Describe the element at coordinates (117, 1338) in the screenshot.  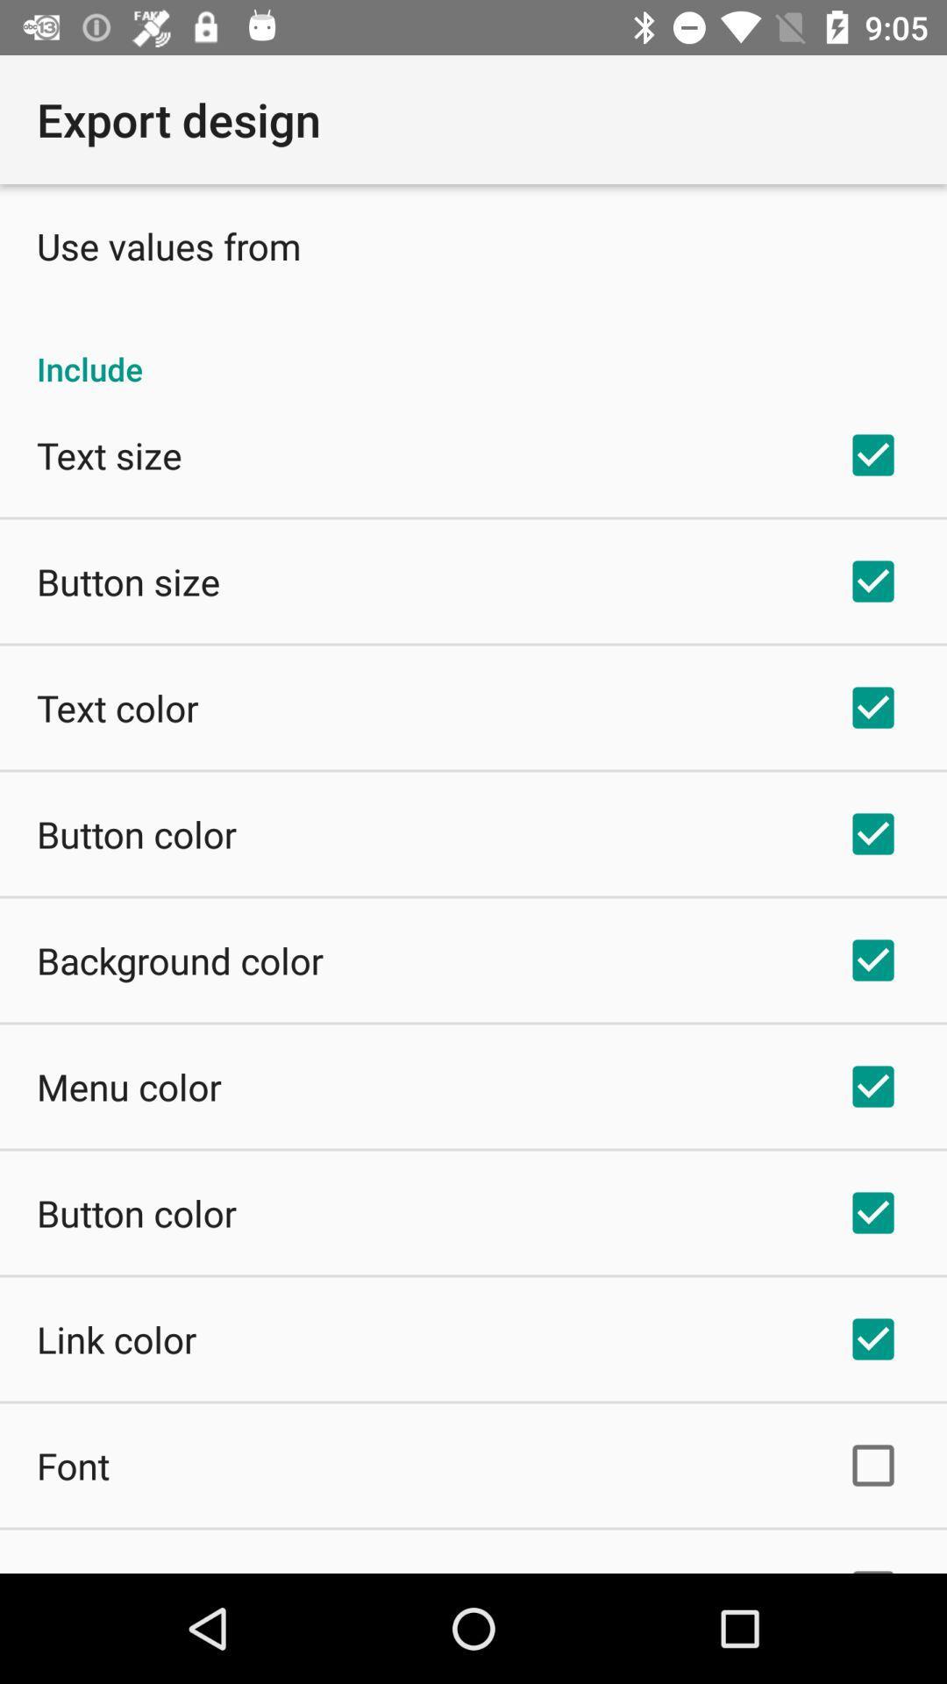
I see `the icon above the font item` at that location.